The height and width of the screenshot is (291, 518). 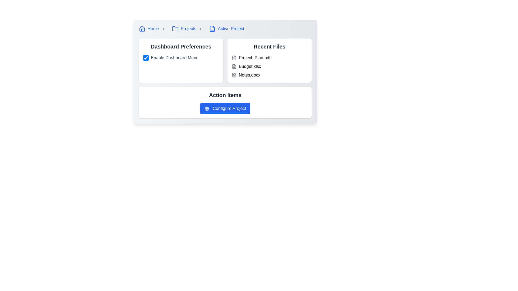 I want to click on the 'Home' icon located at the far-left end of the breadcrumb navigation bar for accessibility purposes, so click(x=142, y=29).